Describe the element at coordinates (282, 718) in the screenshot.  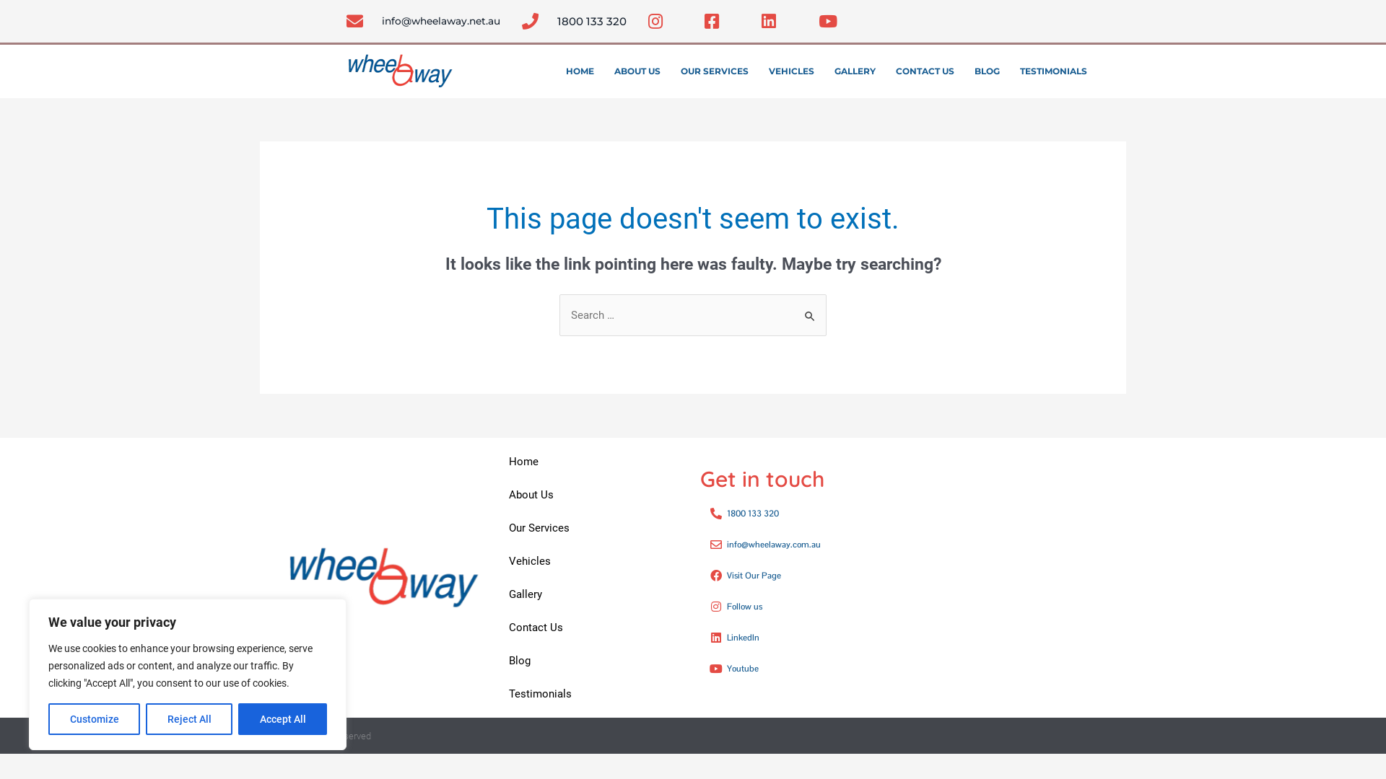
I see `'Accept All'` at that location.